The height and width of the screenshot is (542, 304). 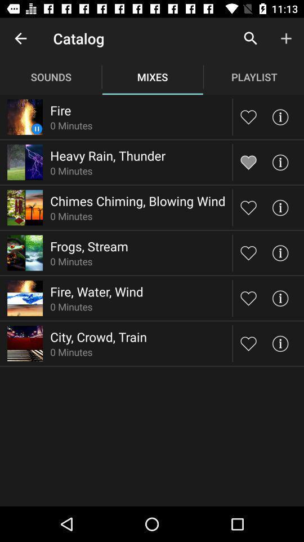 I want to click on get information, so click(x=279, y=343).